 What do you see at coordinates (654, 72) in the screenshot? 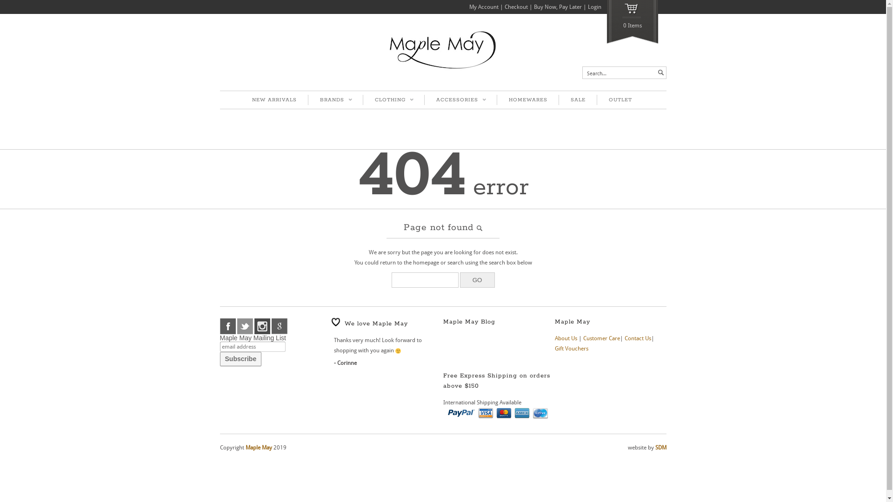
I see `' '` at bounding box center [654, 72].